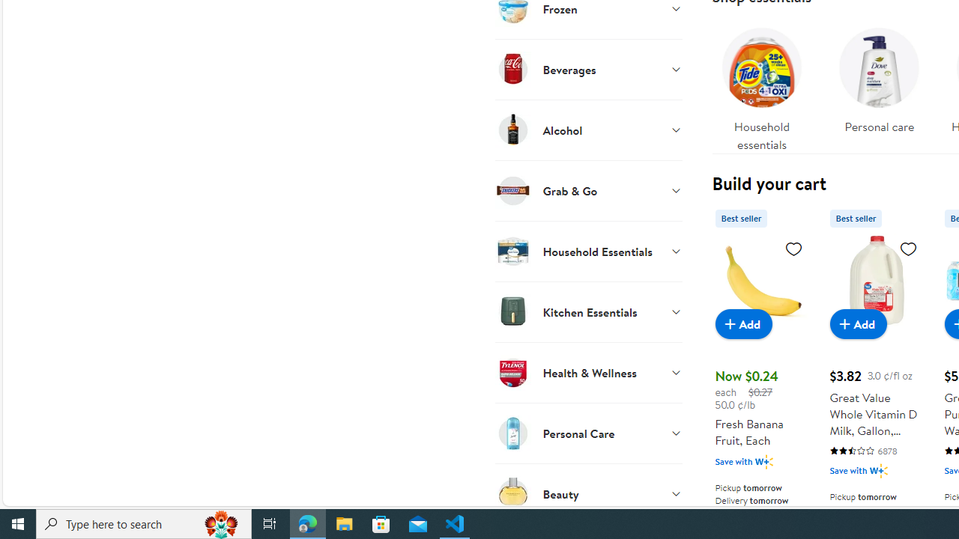  What do you see at coordinates (761, 280) in the screenshot?
I see `'Fresh Banana Fruit, Each'` at bounding box center [761, 280].